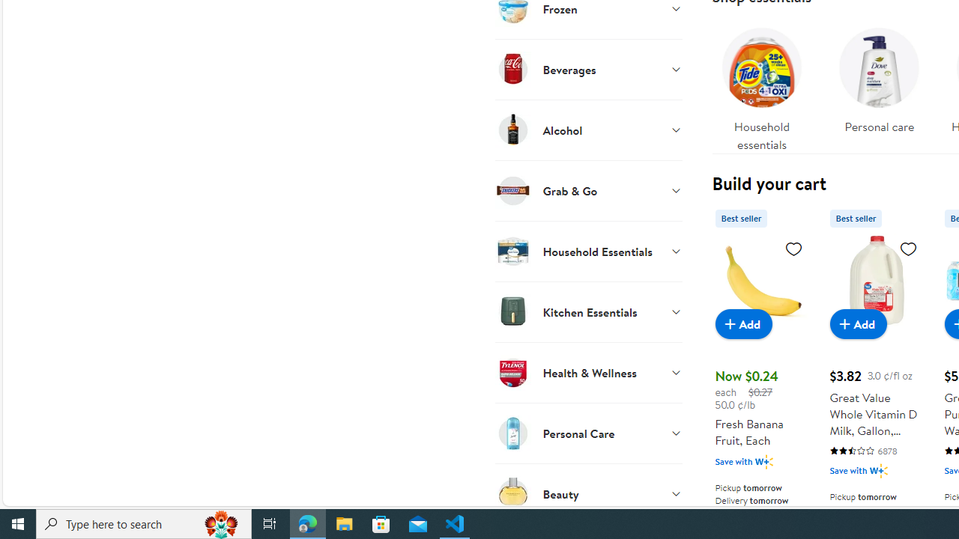  What do you see at coordinates (761, 280) in the screenshot?
I see `'Fresh Banana Fruit, Each'` at bounding box center [761, 280].